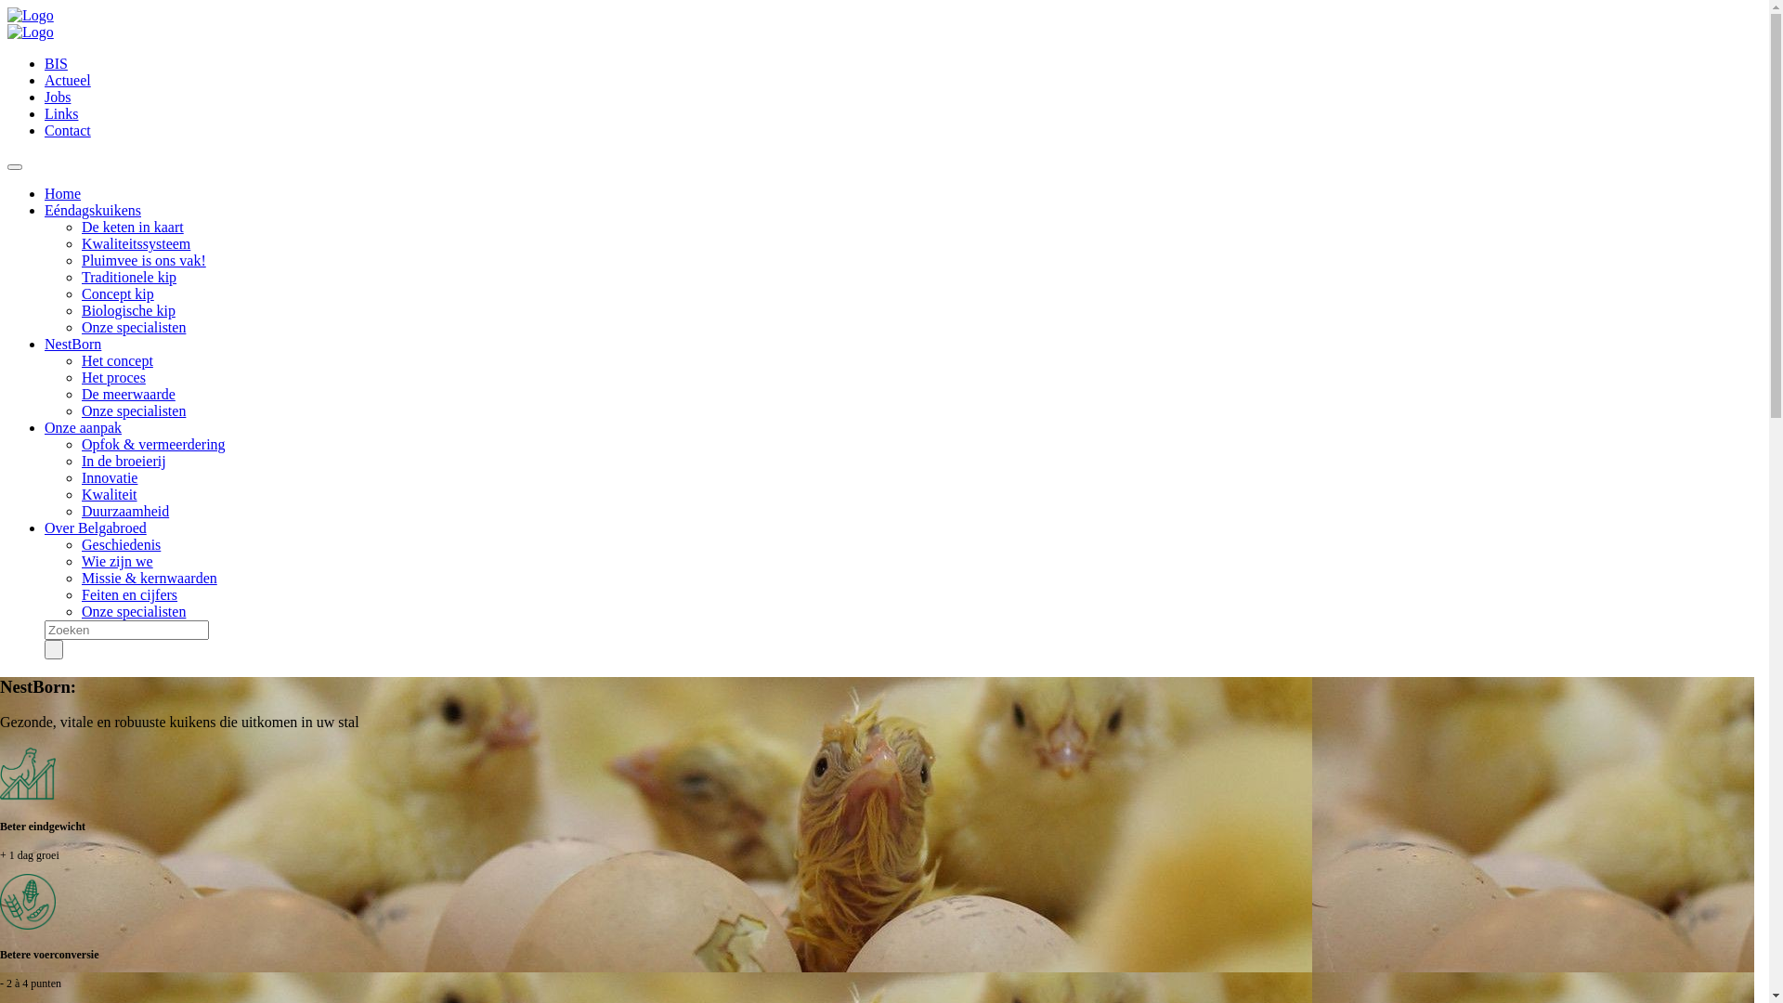  I want to click on 'Home', so click(62, 193).